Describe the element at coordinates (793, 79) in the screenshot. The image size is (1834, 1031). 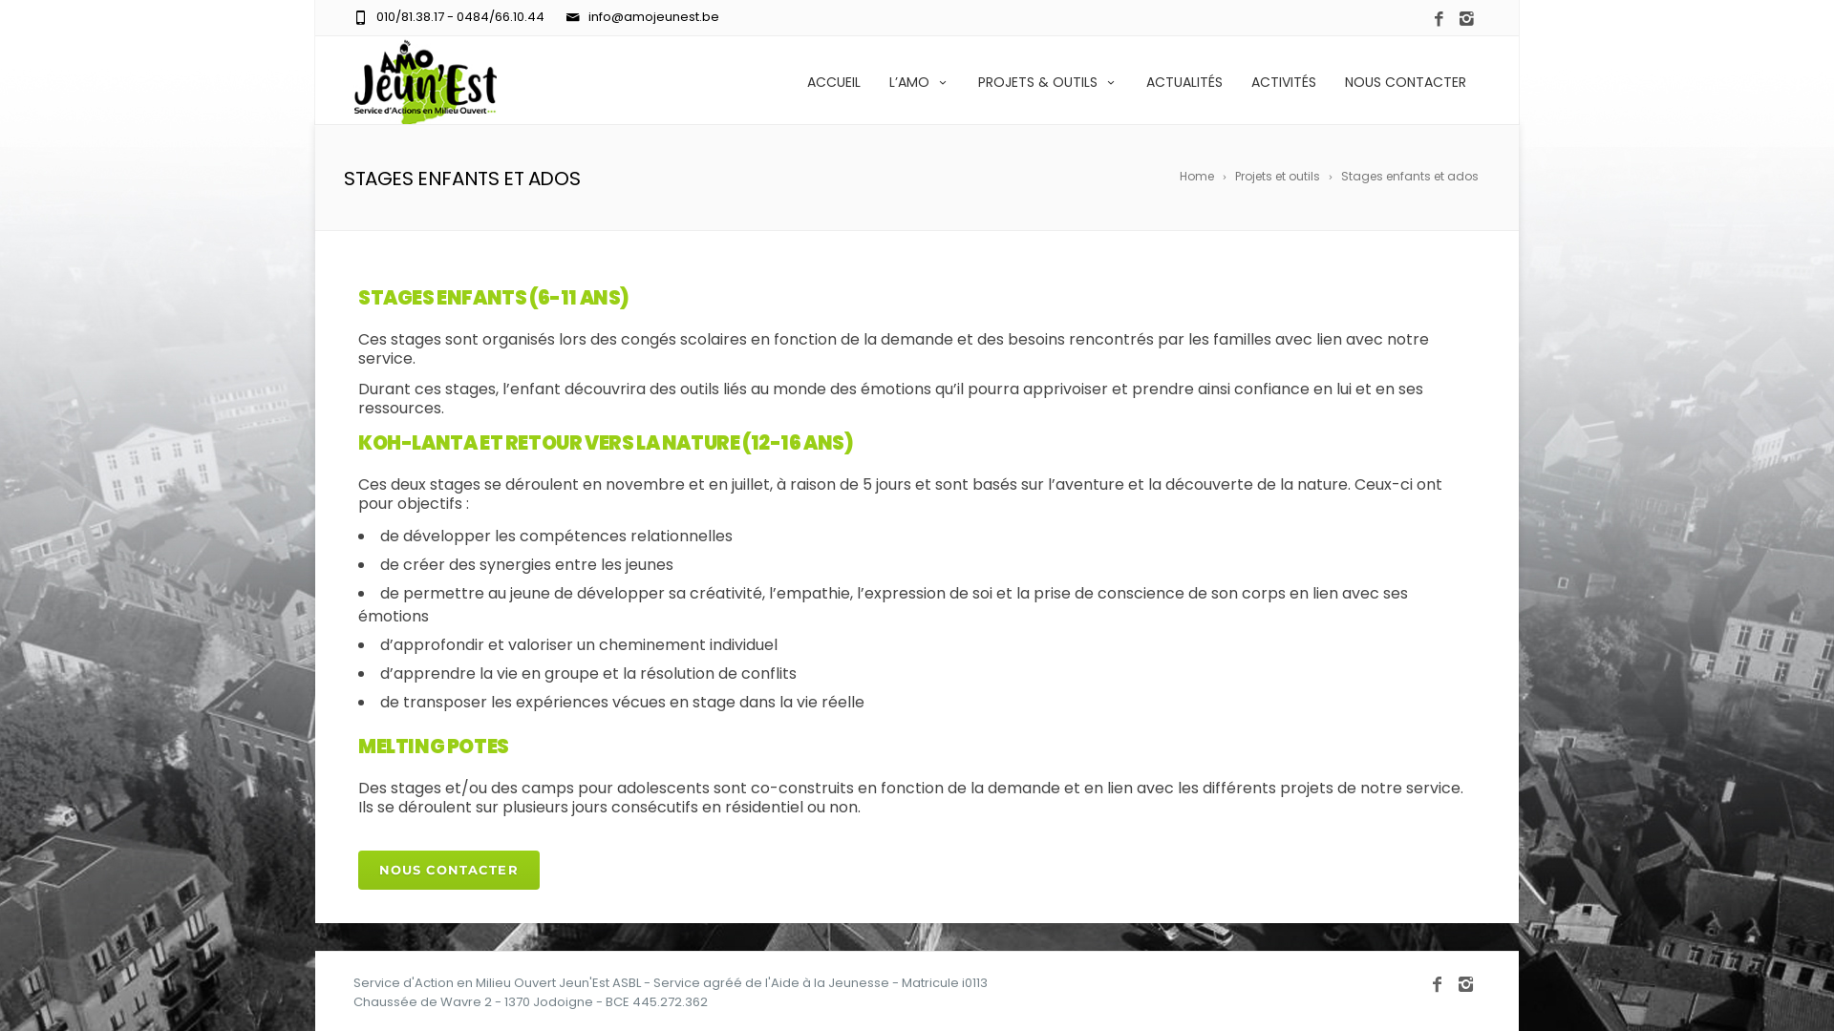
I see `'ACCUEIL'` at that location.